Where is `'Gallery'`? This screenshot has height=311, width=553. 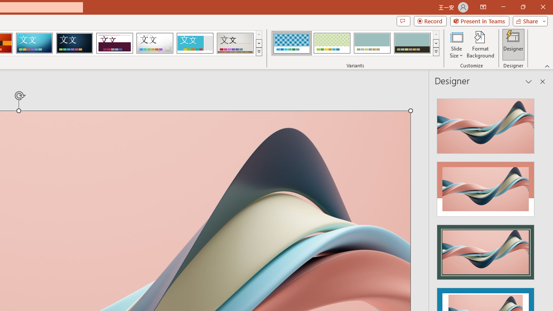 'Gallery' is located at coordinates (235, 43).